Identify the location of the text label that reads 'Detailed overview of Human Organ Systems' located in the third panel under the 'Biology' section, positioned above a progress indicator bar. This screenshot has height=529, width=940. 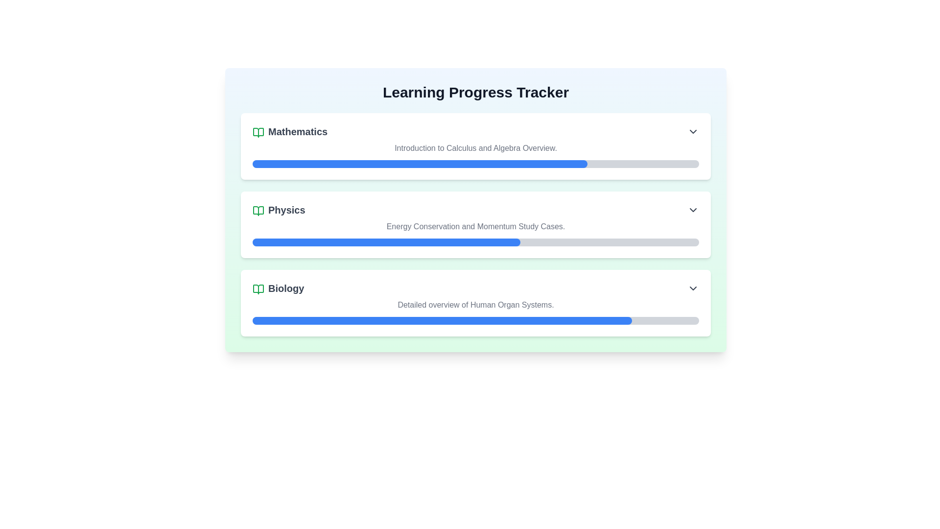
(475, 305).